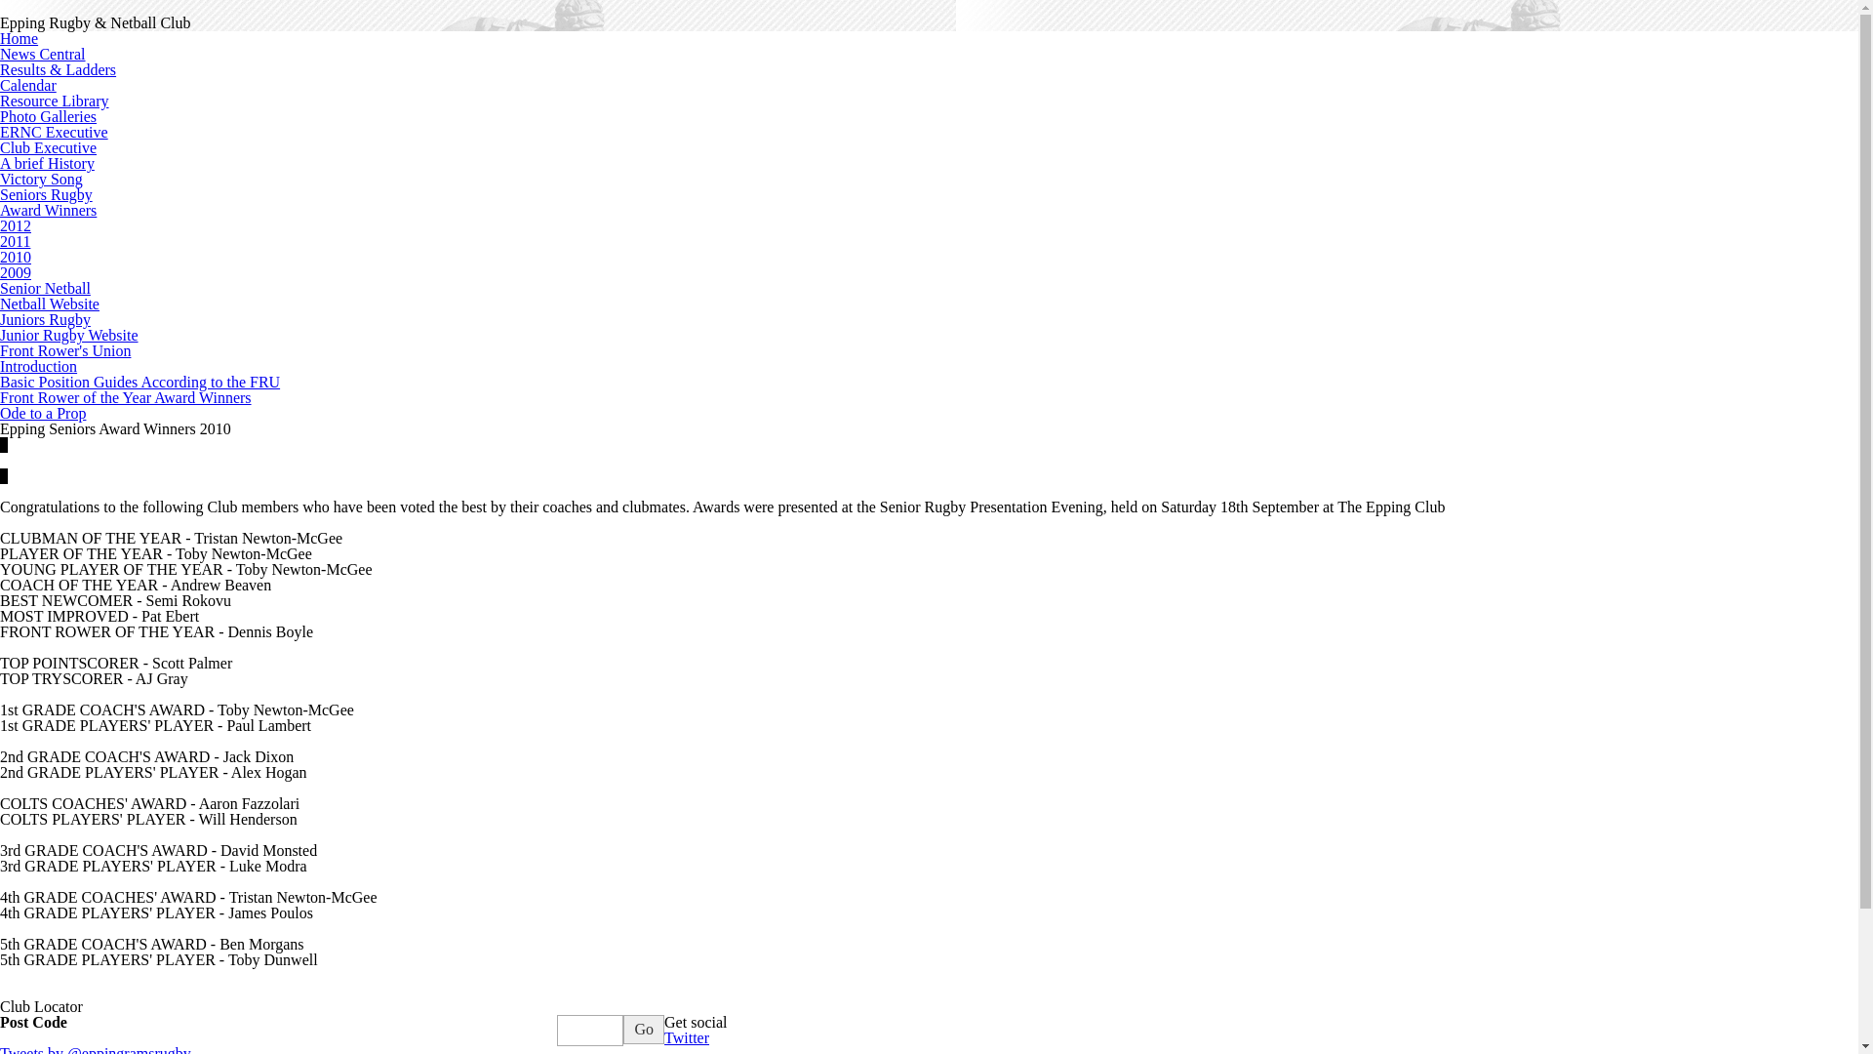 The image size is (1873, 1054). Describe the element at coordinates (0, 272) in the screenshot. I see `'2009'` at that location.